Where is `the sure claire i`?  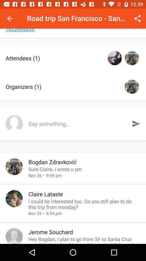
the sure claire i is located at coordinates (84, 169).